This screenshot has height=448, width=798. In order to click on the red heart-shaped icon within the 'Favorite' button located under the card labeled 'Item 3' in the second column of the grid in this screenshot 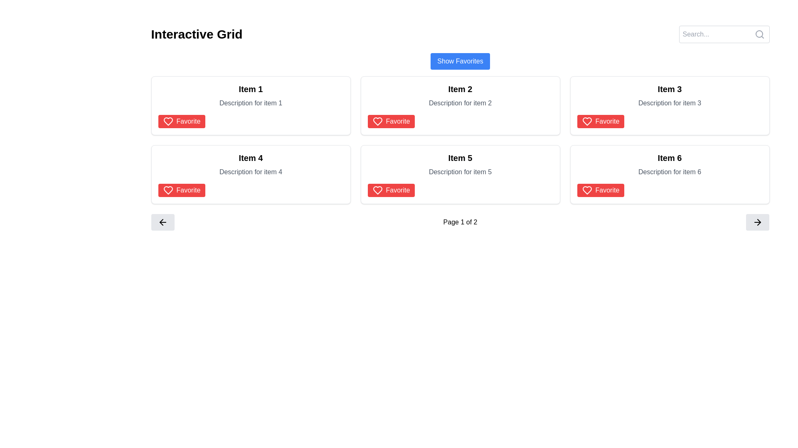, I will do `click(586, 122)`.